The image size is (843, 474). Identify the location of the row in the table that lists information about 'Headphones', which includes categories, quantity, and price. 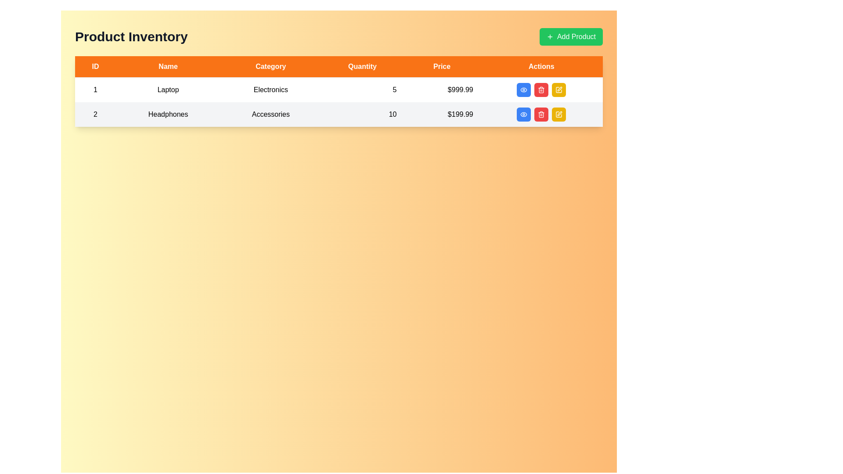
(339, 114).